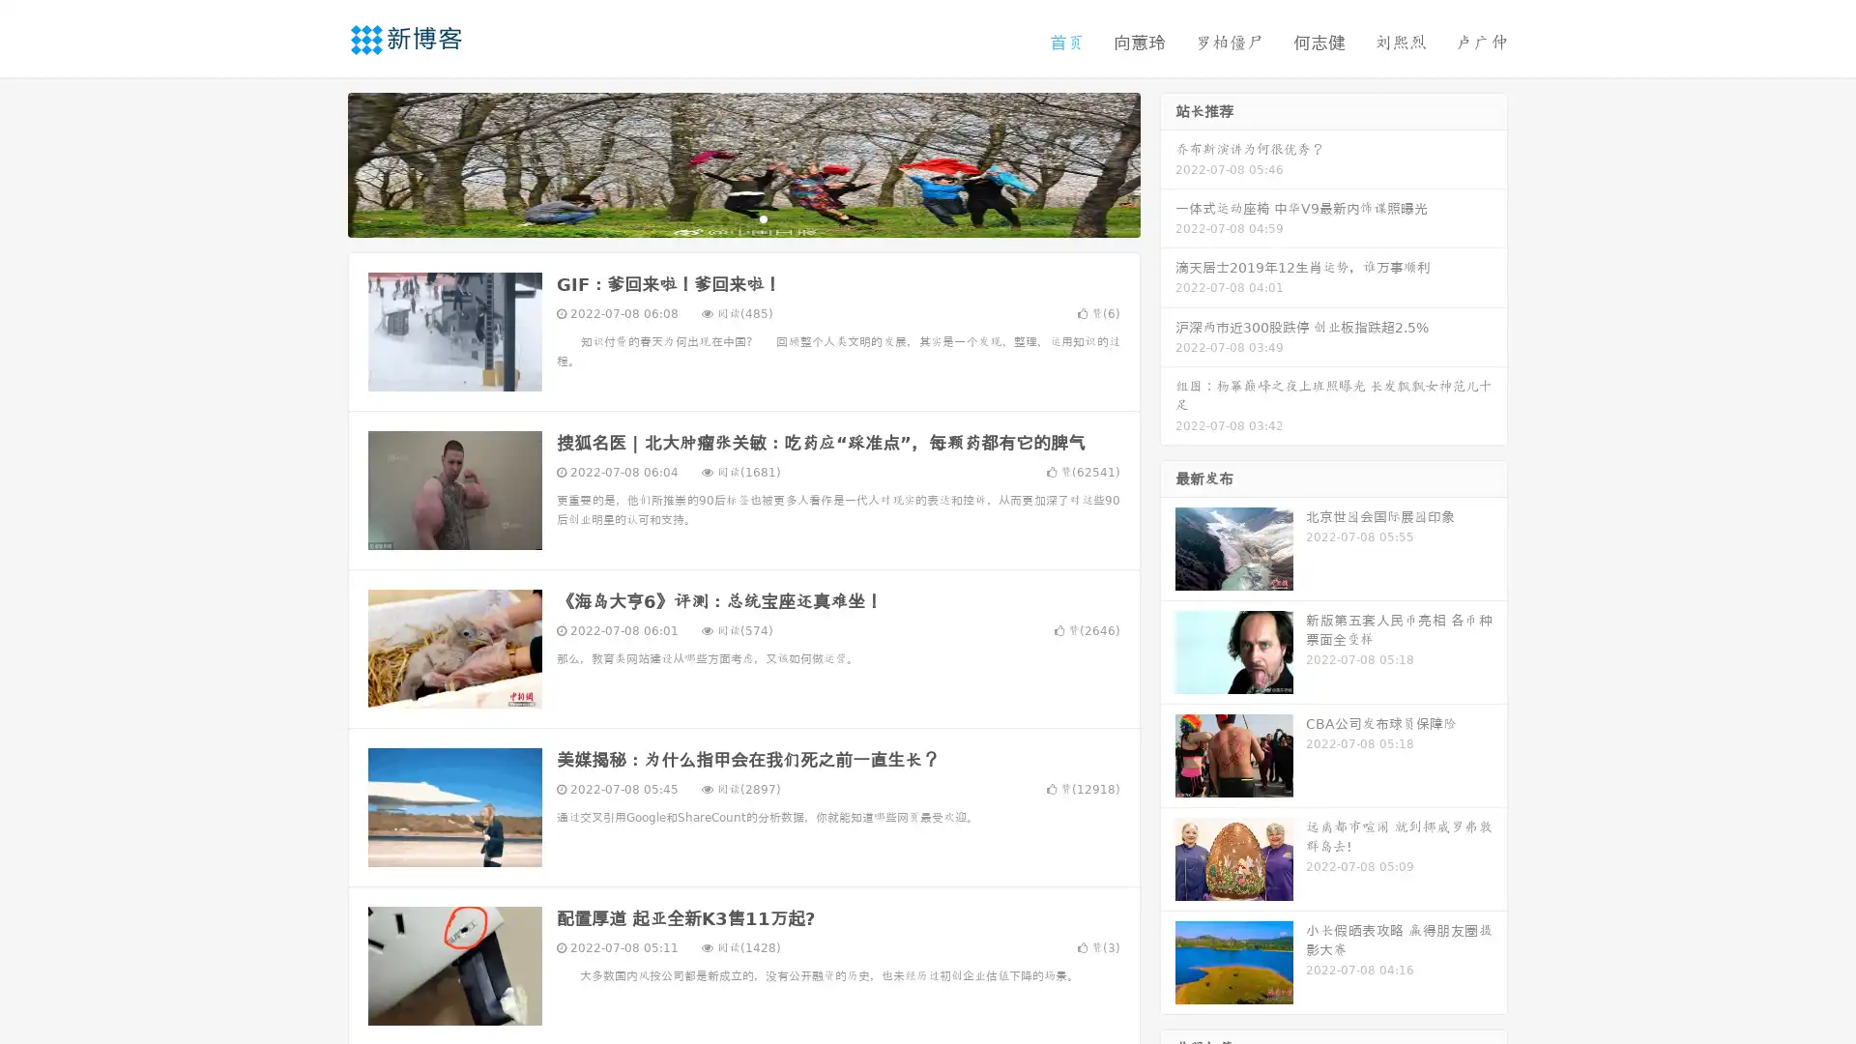 The width and height of the screenshot is (1856, 1044). I want to click on Next slide, so click(1168, 162).